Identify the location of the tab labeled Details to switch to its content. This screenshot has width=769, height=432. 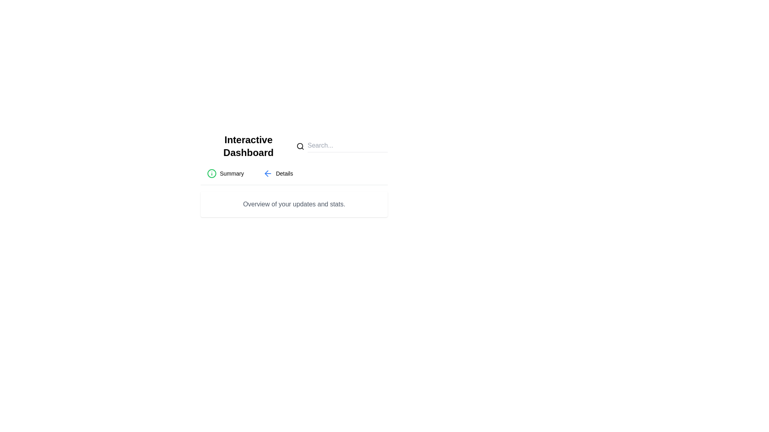
(278, 173).